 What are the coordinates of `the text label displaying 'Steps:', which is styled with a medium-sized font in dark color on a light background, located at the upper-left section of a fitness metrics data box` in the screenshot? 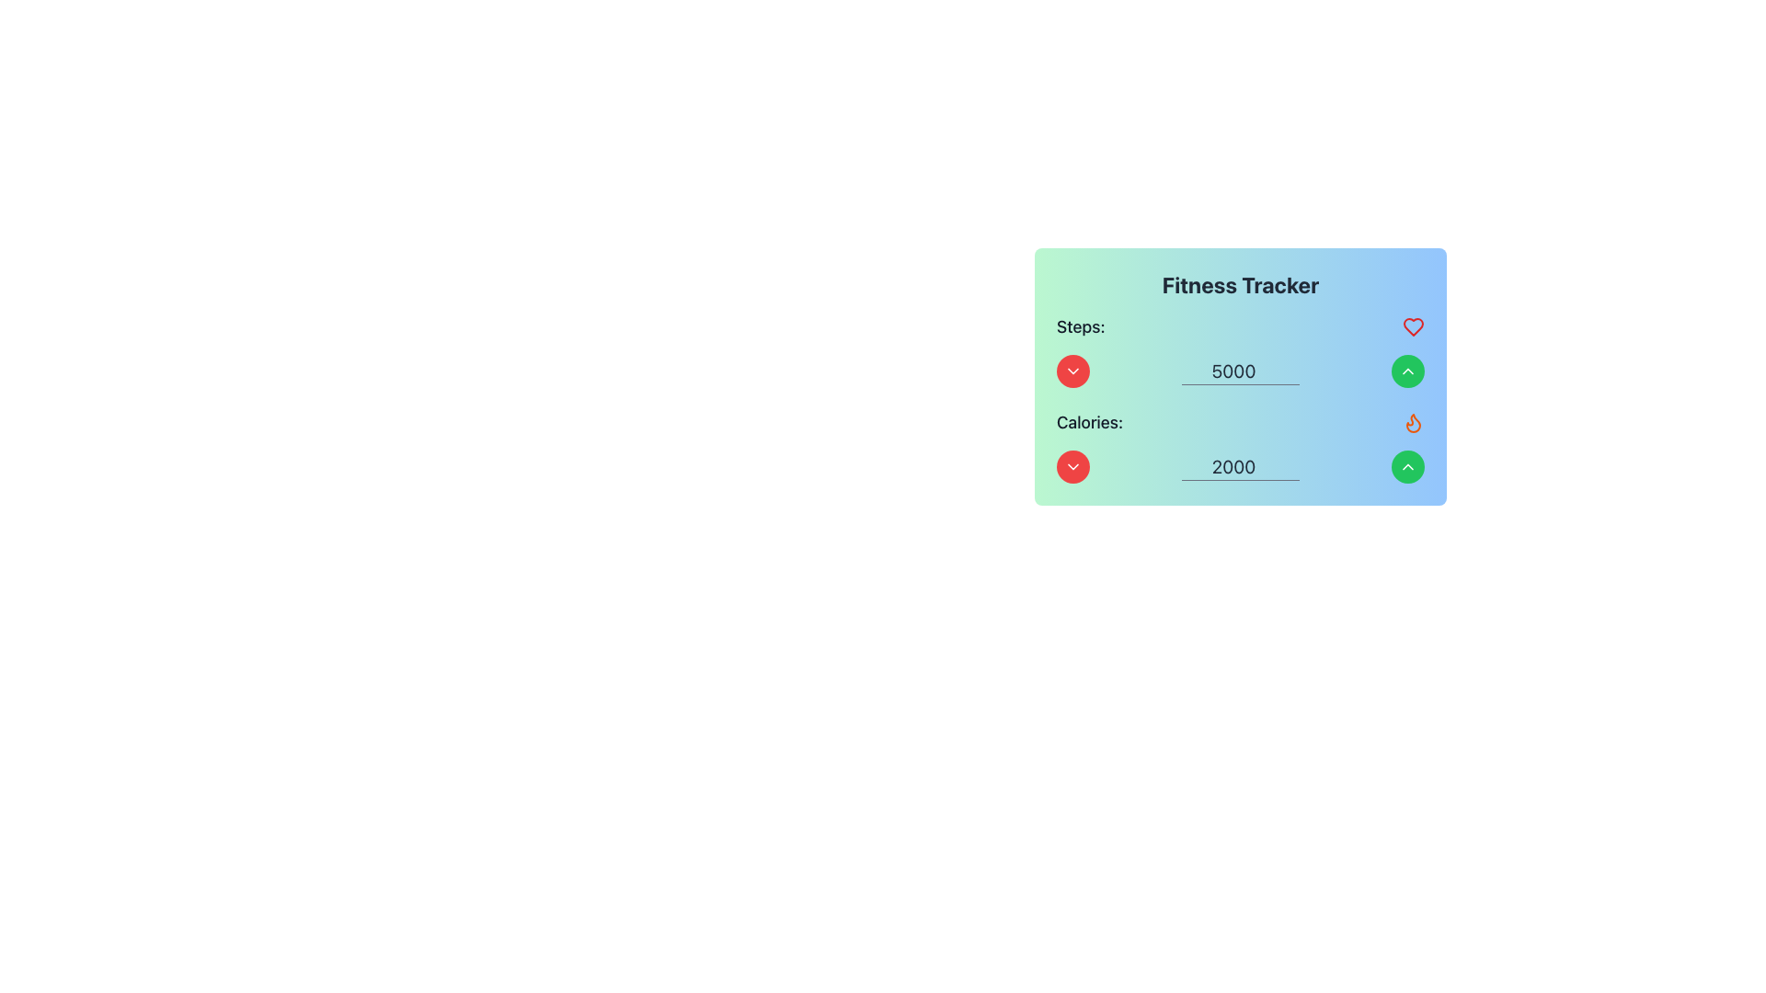 It's located at (1081, 325).